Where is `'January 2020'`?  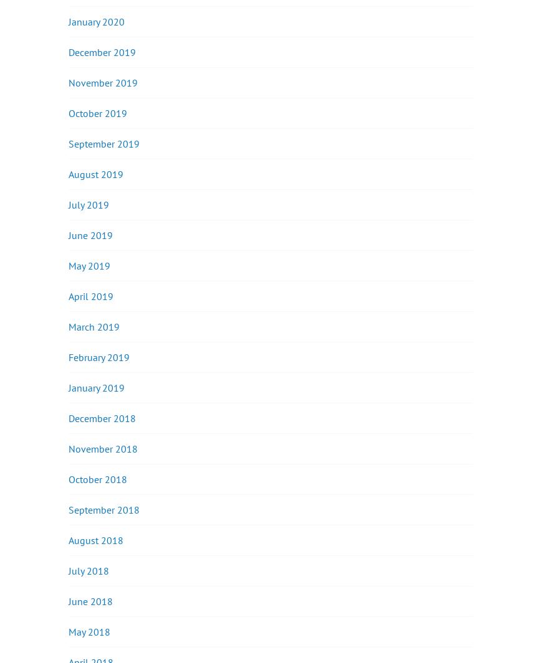
'January 2020' is located at coordinates (97, 20).